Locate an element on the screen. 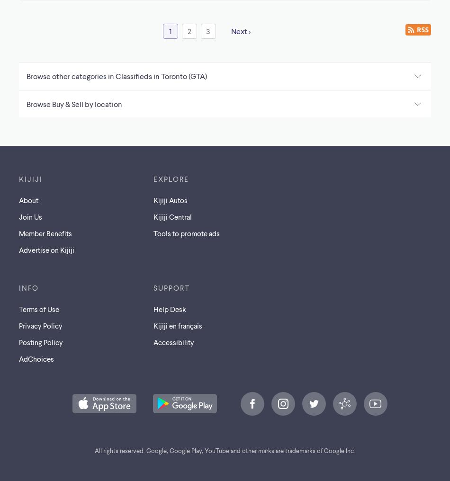 The height and width of the screenshot is (481, 450). 'Help Desk' is located at coordinates (169, 308).